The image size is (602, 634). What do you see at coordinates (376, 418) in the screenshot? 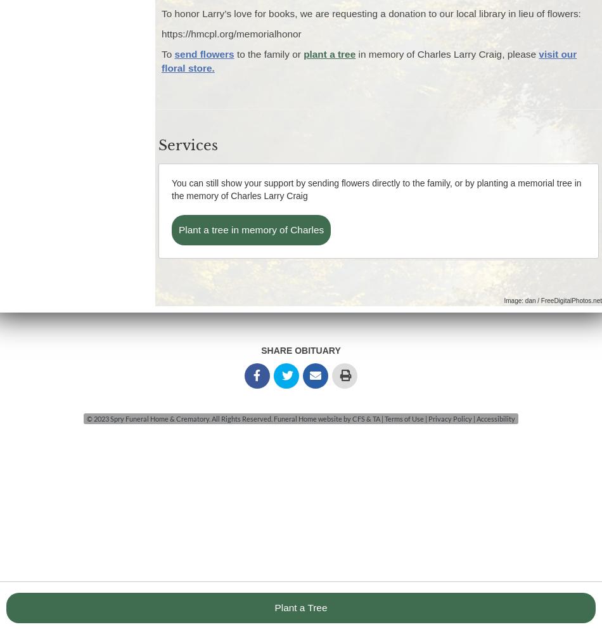
I see `'TA'` at bounding box center [376, 418].